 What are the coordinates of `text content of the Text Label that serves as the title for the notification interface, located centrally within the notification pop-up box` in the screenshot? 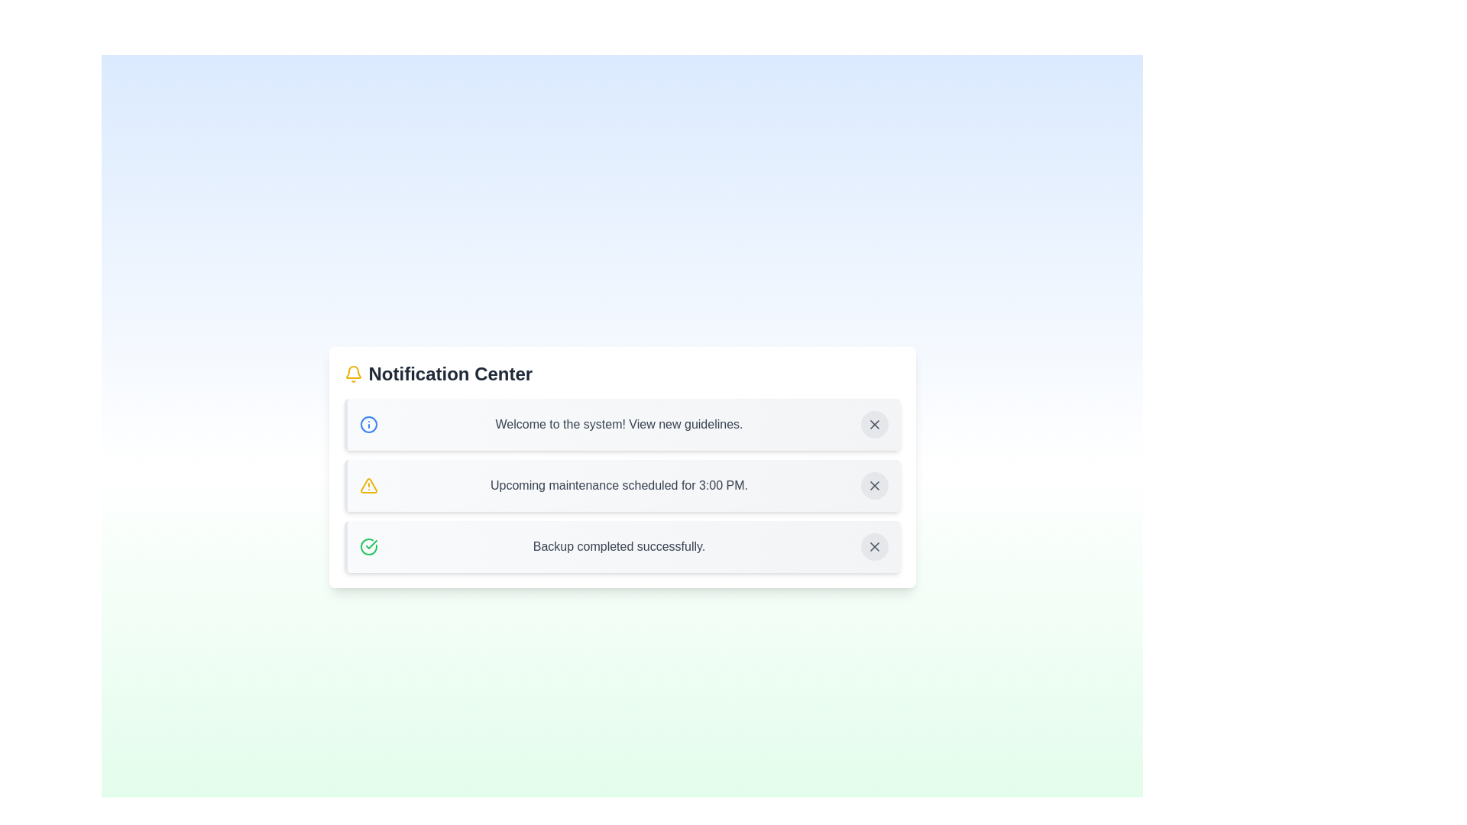 It's located at (449, 374).